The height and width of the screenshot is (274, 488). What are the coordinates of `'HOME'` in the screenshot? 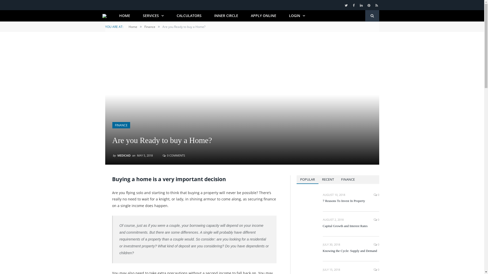 It's located at (125, 15).